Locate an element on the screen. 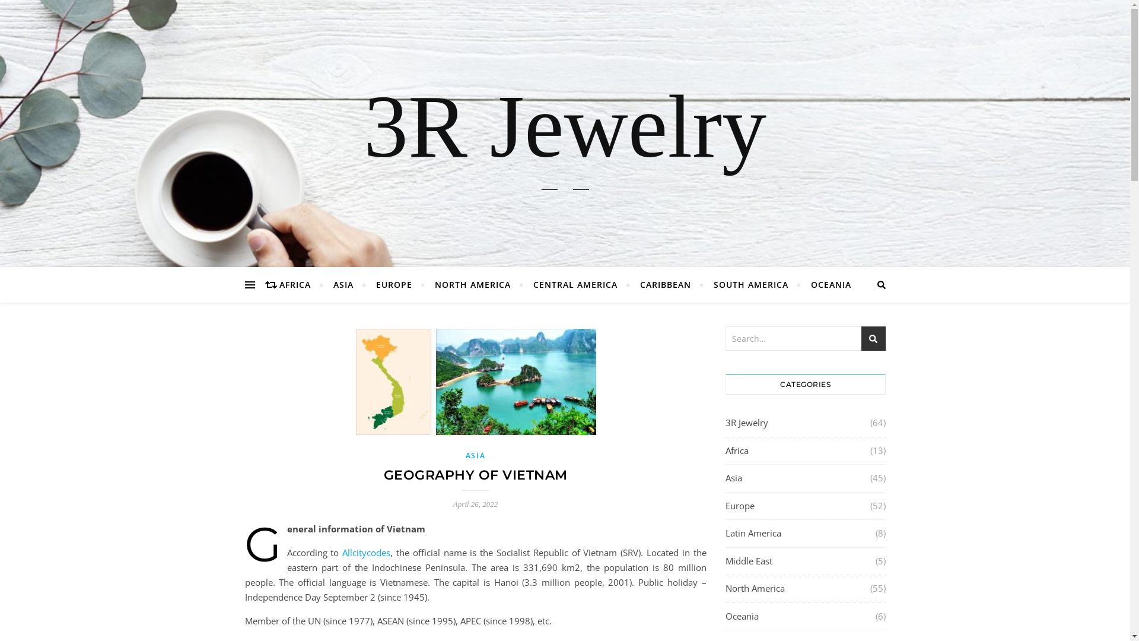 The image size is (1139, 641). 'Middle East' is located at coordinates (747, 561).